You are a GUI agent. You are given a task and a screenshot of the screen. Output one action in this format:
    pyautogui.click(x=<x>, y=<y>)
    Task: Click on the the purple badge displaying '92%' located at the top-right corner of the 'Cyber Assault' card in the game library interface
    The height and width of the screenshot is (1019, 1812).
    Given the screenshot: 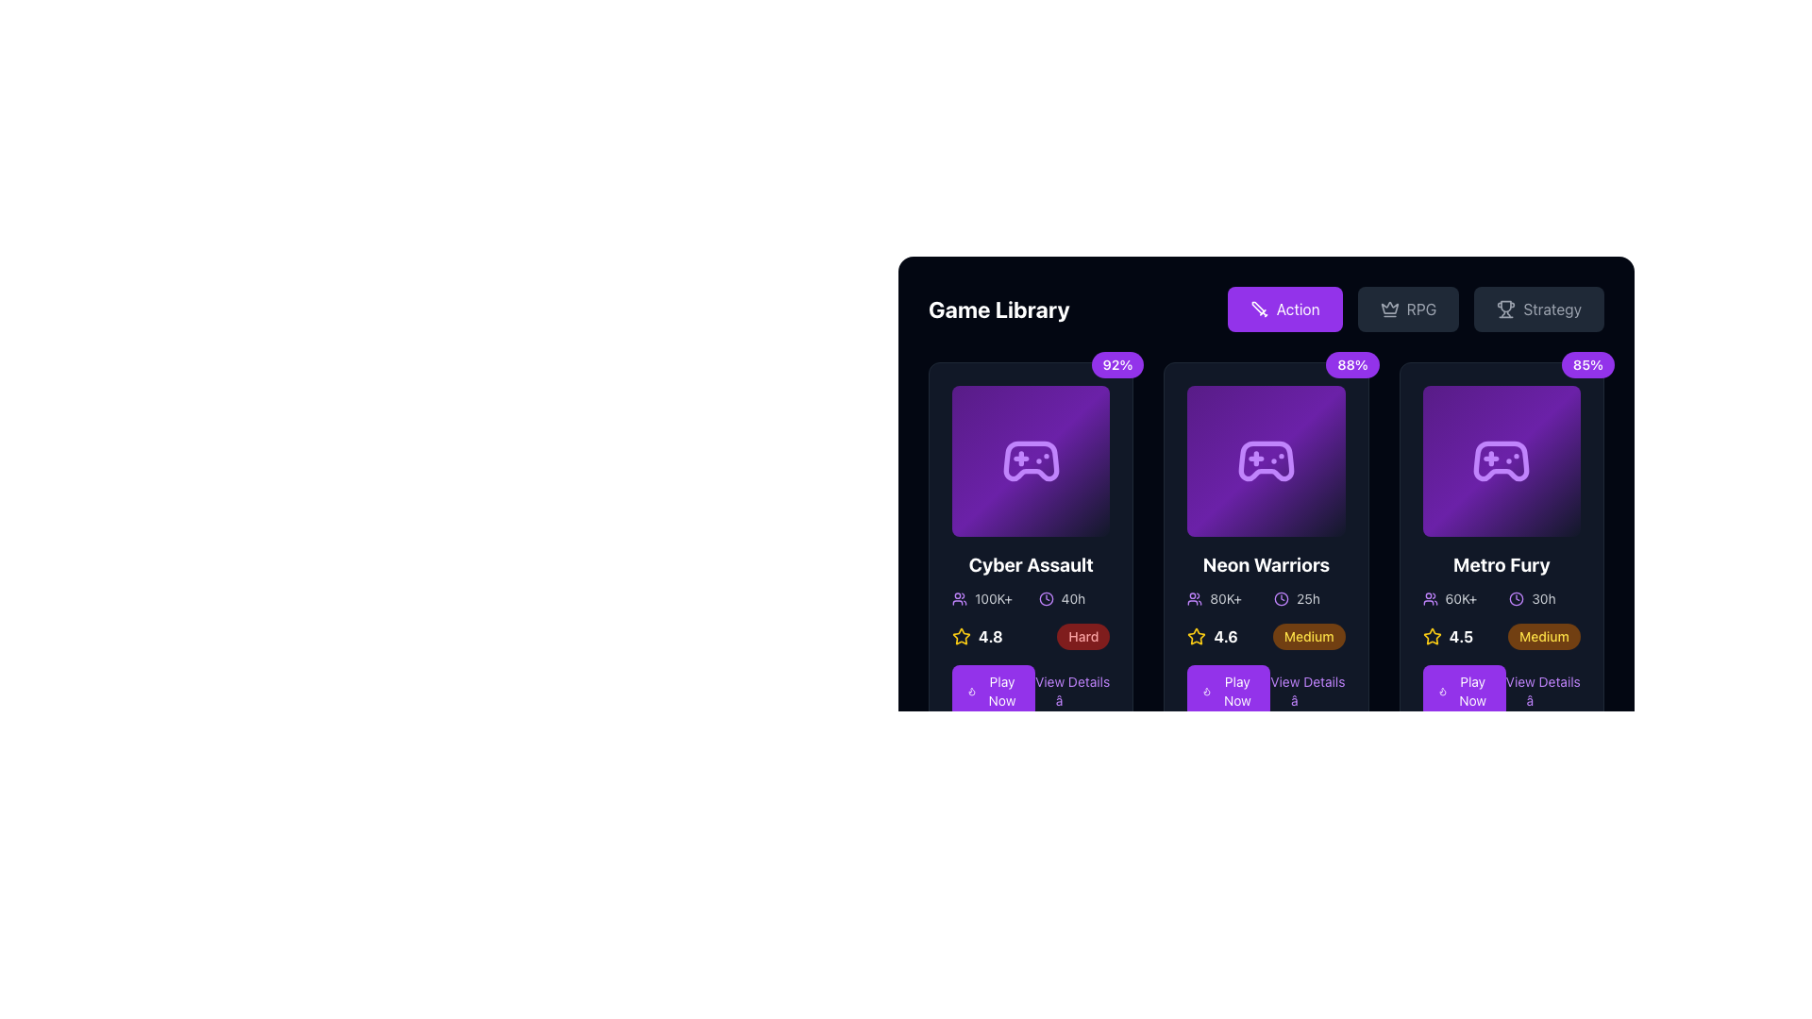 What is the action you would take?
    pyautogui.click(x=1117, y=364)
    